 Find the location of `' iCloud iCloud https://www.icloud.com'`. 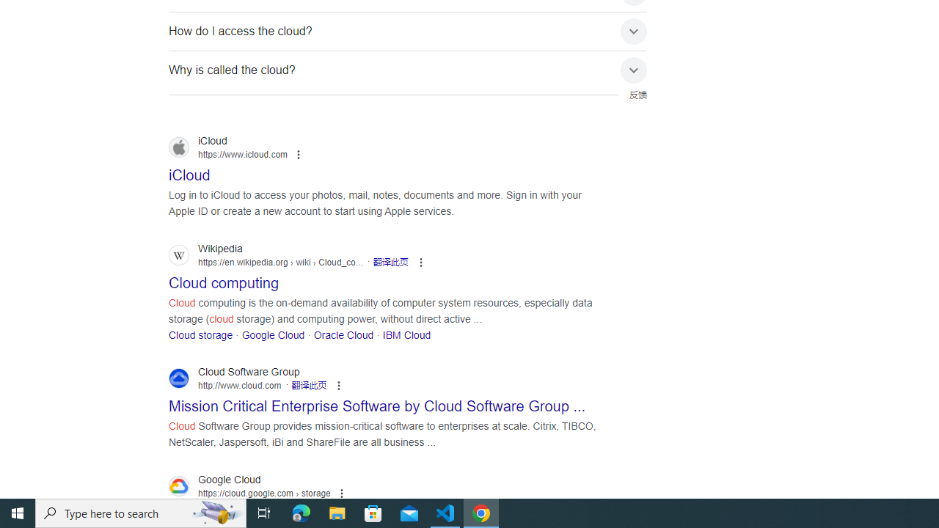

' iCloud iCloud https://www.icloud.com' is located at coordinates (189, 170).